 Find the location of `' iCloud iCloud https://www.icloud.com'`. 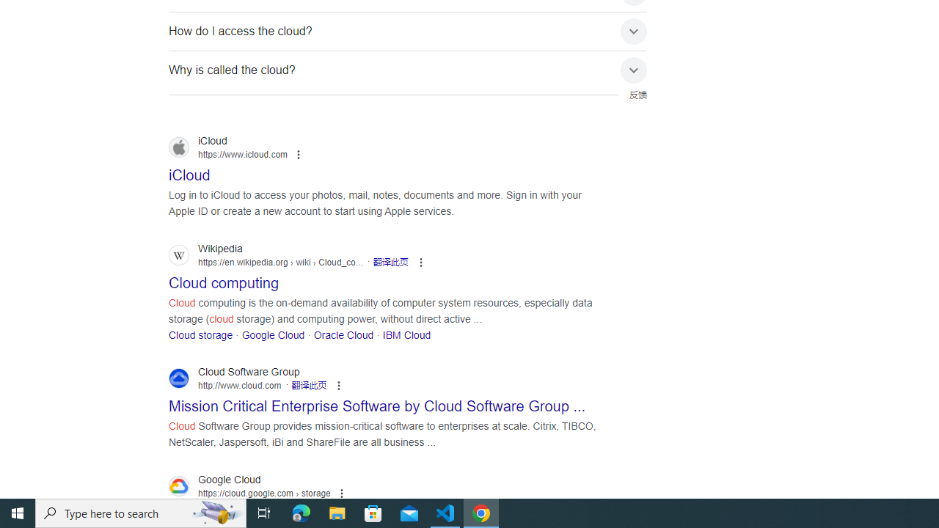

' iCloud iCloud https://www.icloud.com' is located at coordinates (189, 170).